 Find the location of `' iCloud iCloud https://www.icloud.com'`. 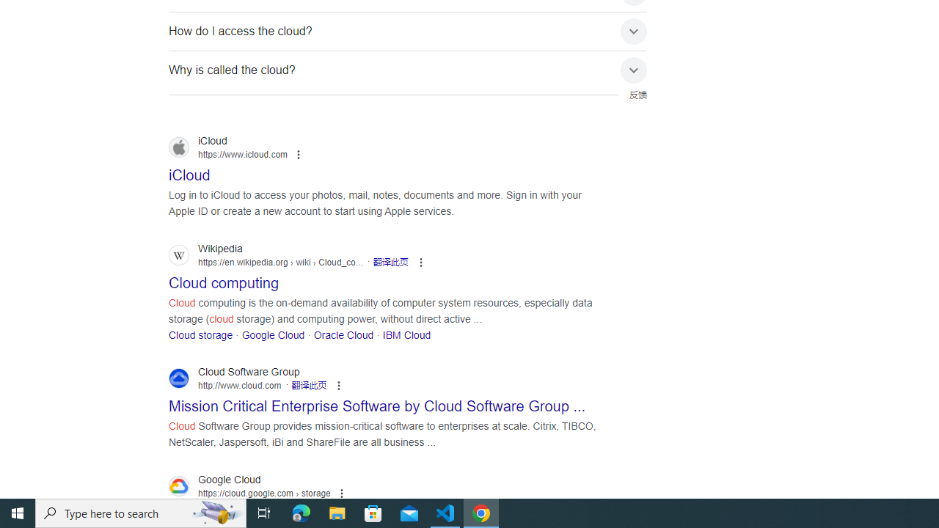

' iCloud iCloud https://www.icloud.com' is located at coordinates (189, 170).